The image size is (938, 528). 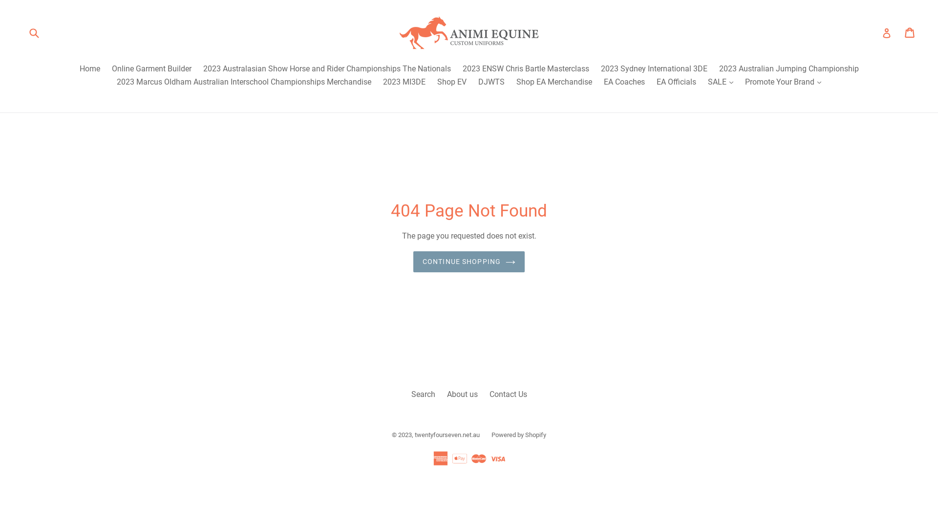 What do you see at coordinates (676, 82) in the screenshot?
I see `'EA Officials'` at bounding box center [676, 82].